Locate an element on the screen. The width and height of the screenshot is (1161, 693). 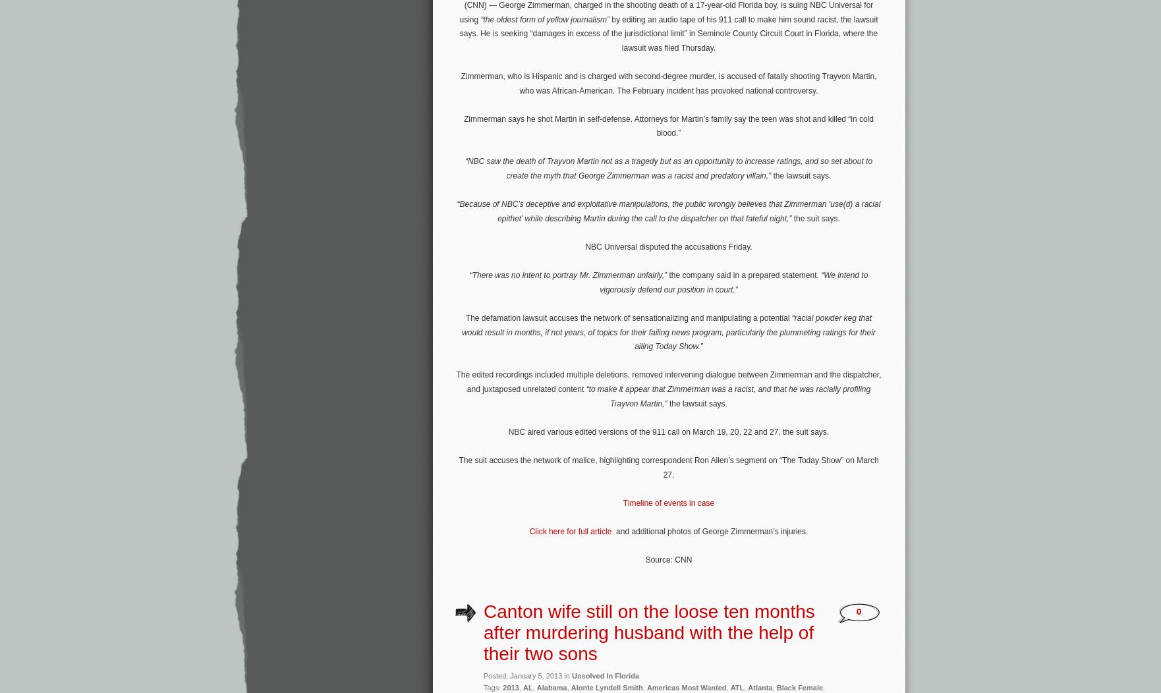
'Timeline of events in case' is located at coordinates (622, 502).